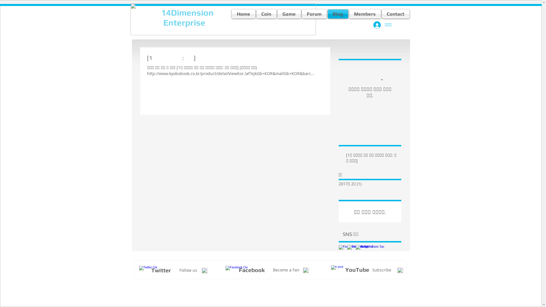  What do you see at coordinates (395, 14) in the screenshot?
I see `'Contact'` at bounding box center [395, 14].